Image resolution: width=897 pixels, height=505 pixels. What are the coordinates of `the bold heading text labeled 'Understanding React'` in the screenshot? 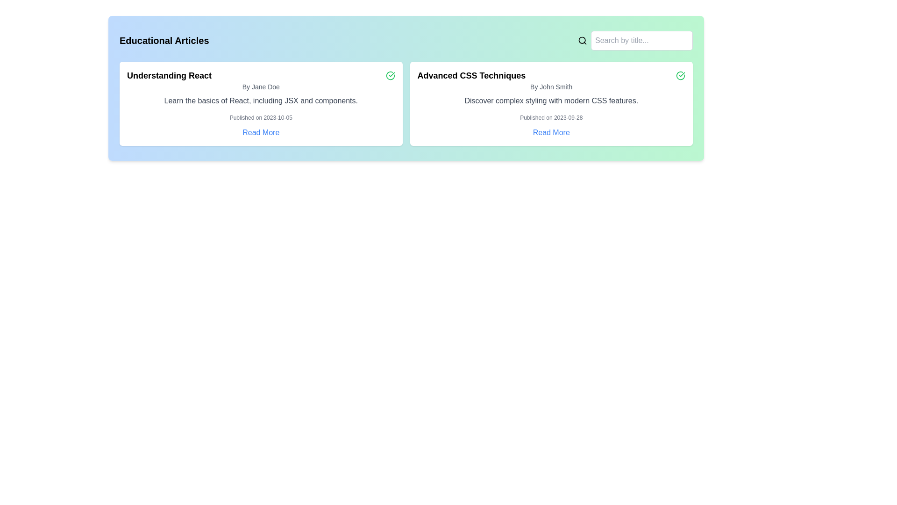 It's located at (169, 75).